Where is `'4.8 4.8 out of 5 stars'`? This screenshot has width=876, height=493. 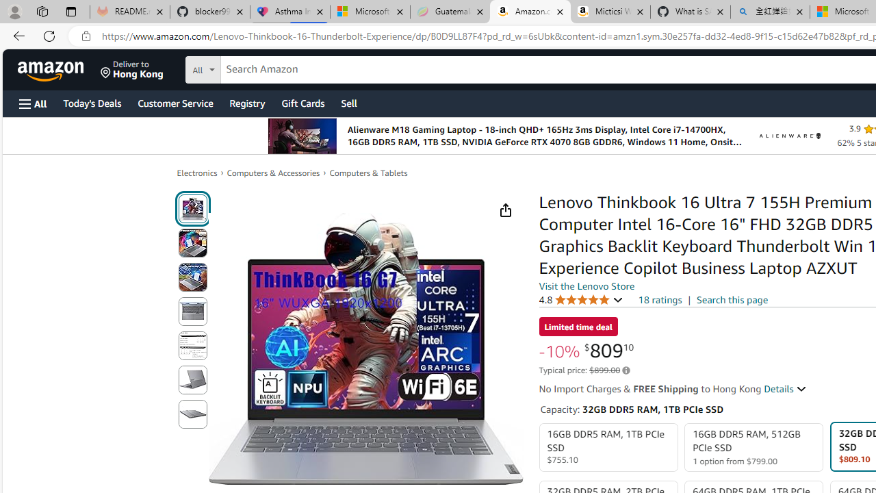
'4.8 4.8 out of 5 stars' is located at coordinates (581, 299).